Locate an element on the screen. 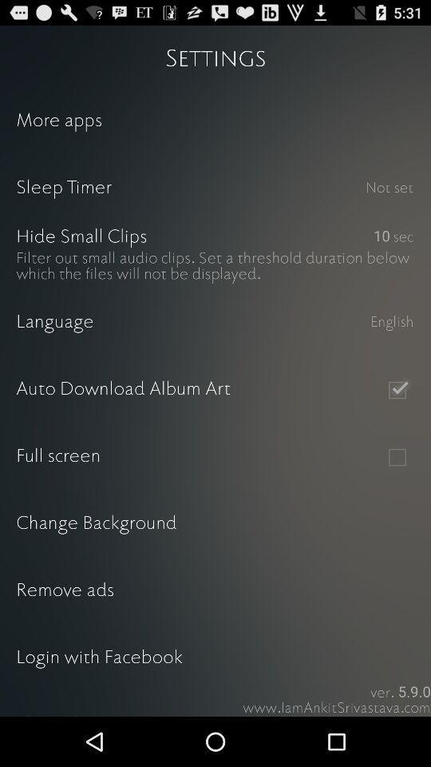 The height and width of the screenshot is (767, 431). more apps icon is located at coordinates (215, 121).